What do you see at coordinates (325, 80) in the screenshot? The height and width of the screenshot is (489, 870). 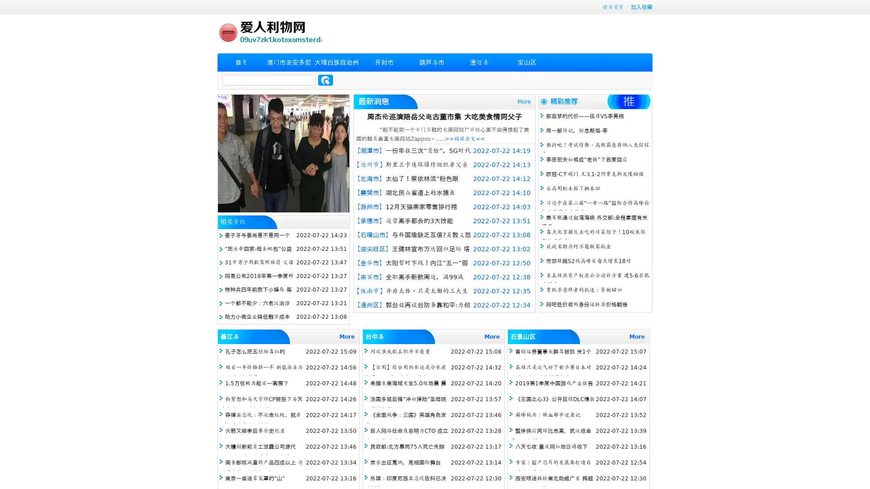 I see `Search` at bounding box center [325, 80].